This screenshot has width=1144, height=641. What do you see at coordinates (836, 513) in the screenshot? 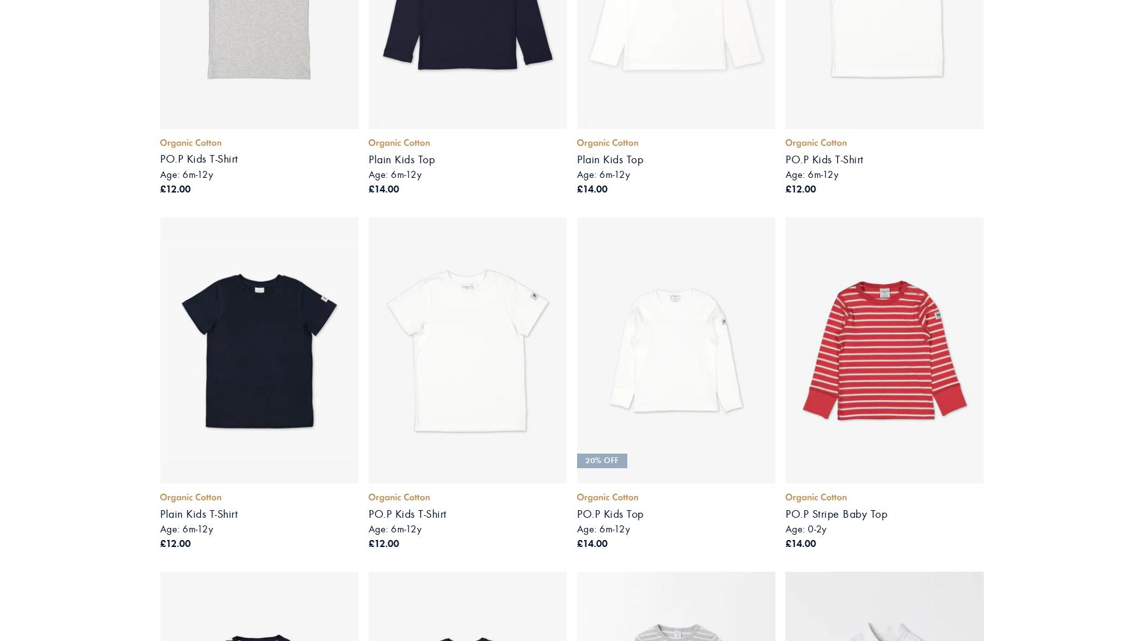
I see `'PO.P Stripe Baby Top'` at bounding box center [836, 513].